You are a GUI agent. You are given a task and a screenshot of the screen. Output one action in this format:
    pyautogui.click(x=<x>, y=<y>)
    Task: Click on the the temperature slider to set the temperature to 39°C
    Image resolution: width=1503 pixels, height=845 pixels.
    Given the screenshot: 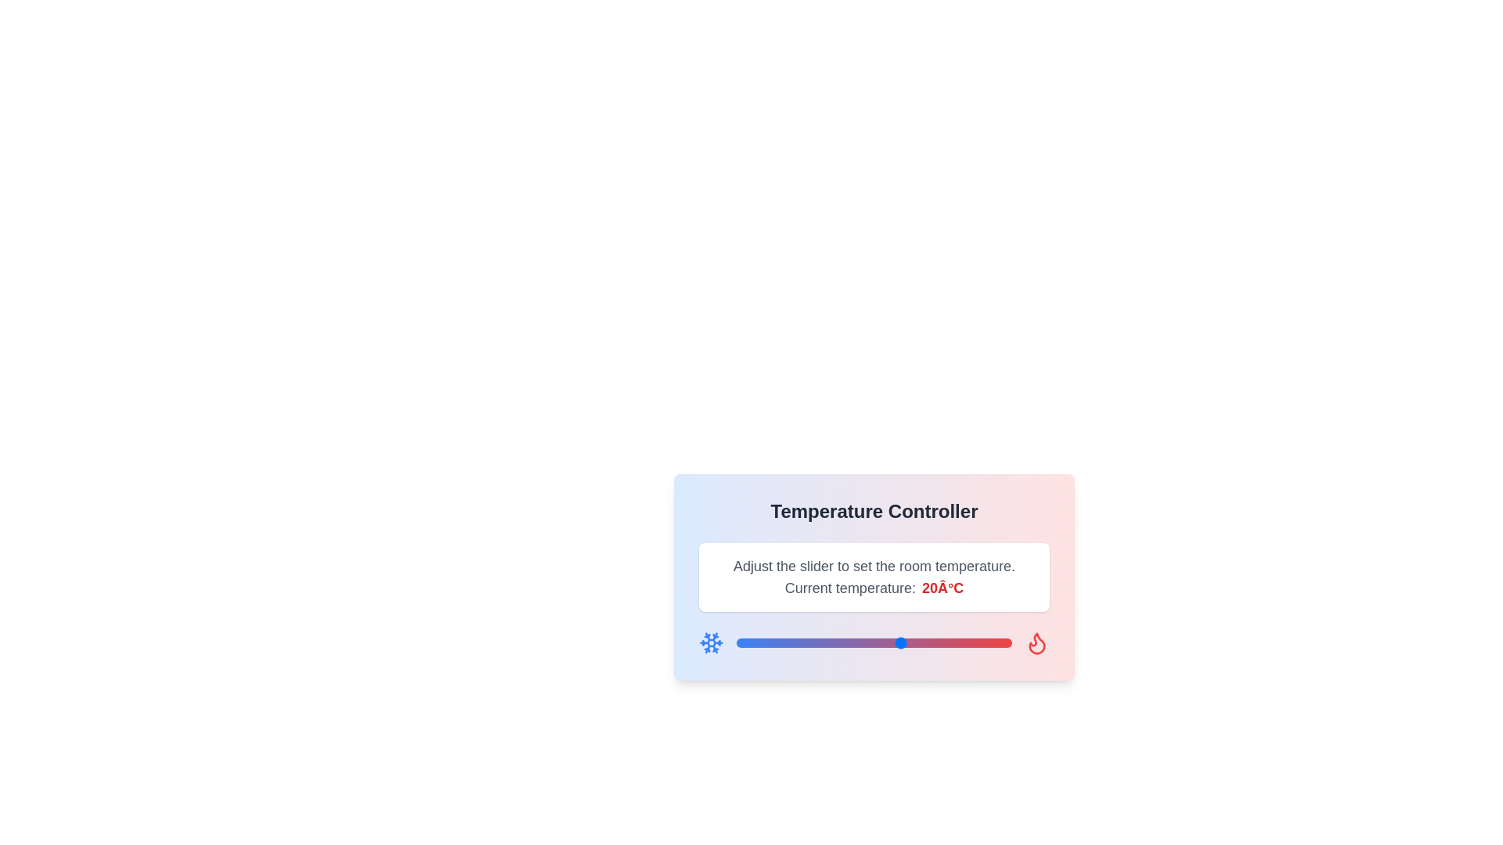 What is the action you would take?
    pyautogui.click(x=1007, y=642)
    